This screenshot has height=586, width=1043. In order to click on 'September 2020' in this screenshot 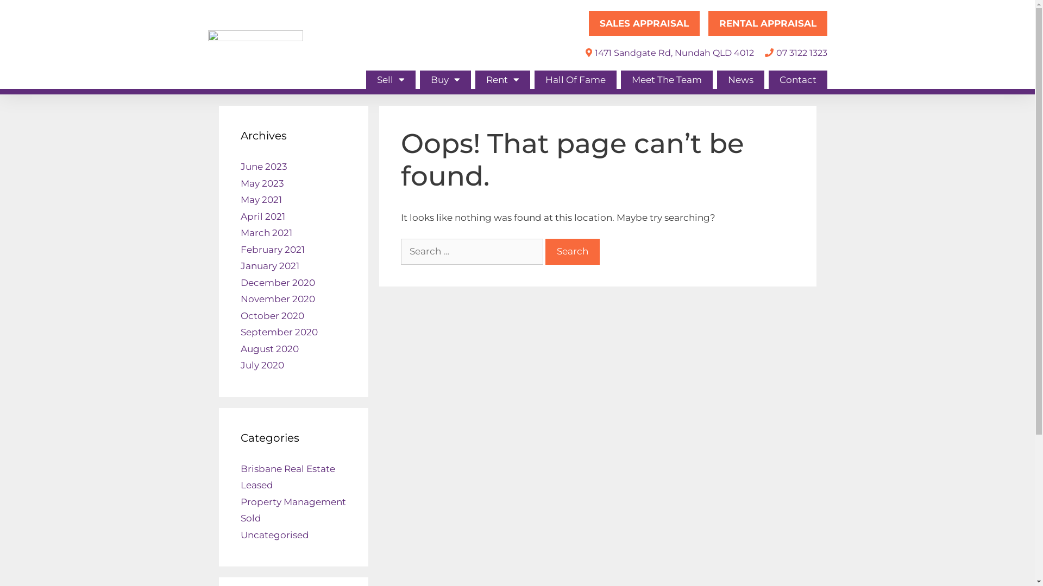, I will do `click(279, 332)`.